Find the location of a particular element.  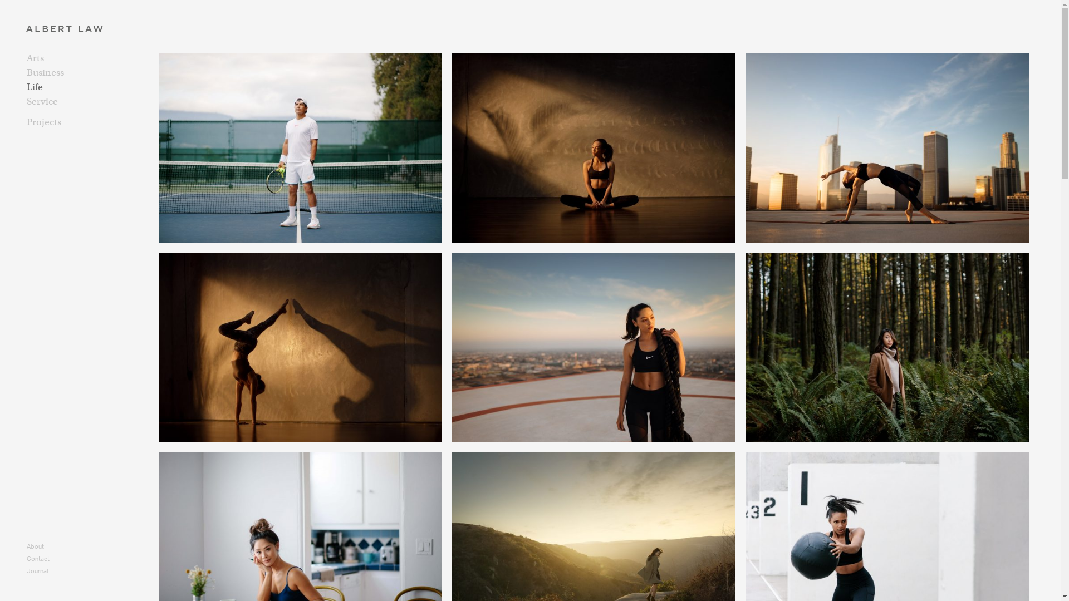

'Arts' is located at coordinates (94, 58).